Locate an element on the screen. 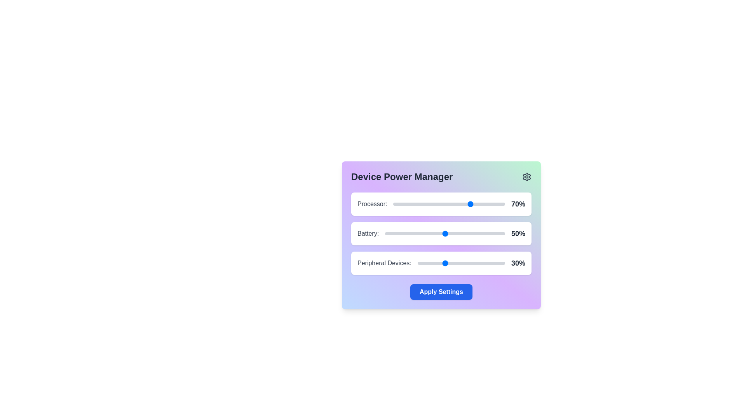  the settings icon to access additional options is located at coordinates (527, 177).